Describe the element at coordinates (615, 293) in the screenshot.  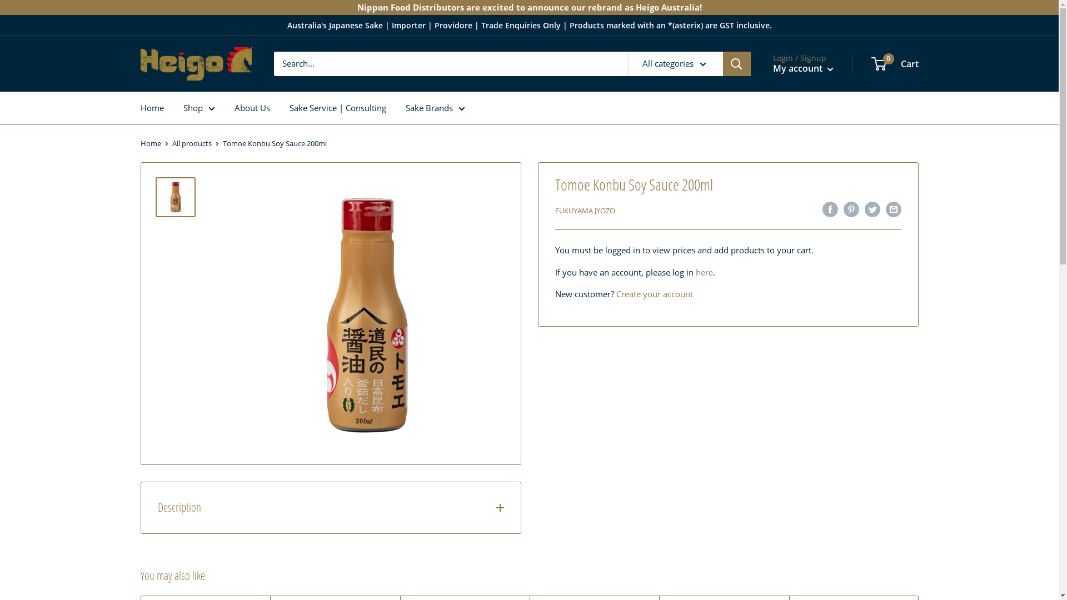
I see `'Create your account'` at that location.